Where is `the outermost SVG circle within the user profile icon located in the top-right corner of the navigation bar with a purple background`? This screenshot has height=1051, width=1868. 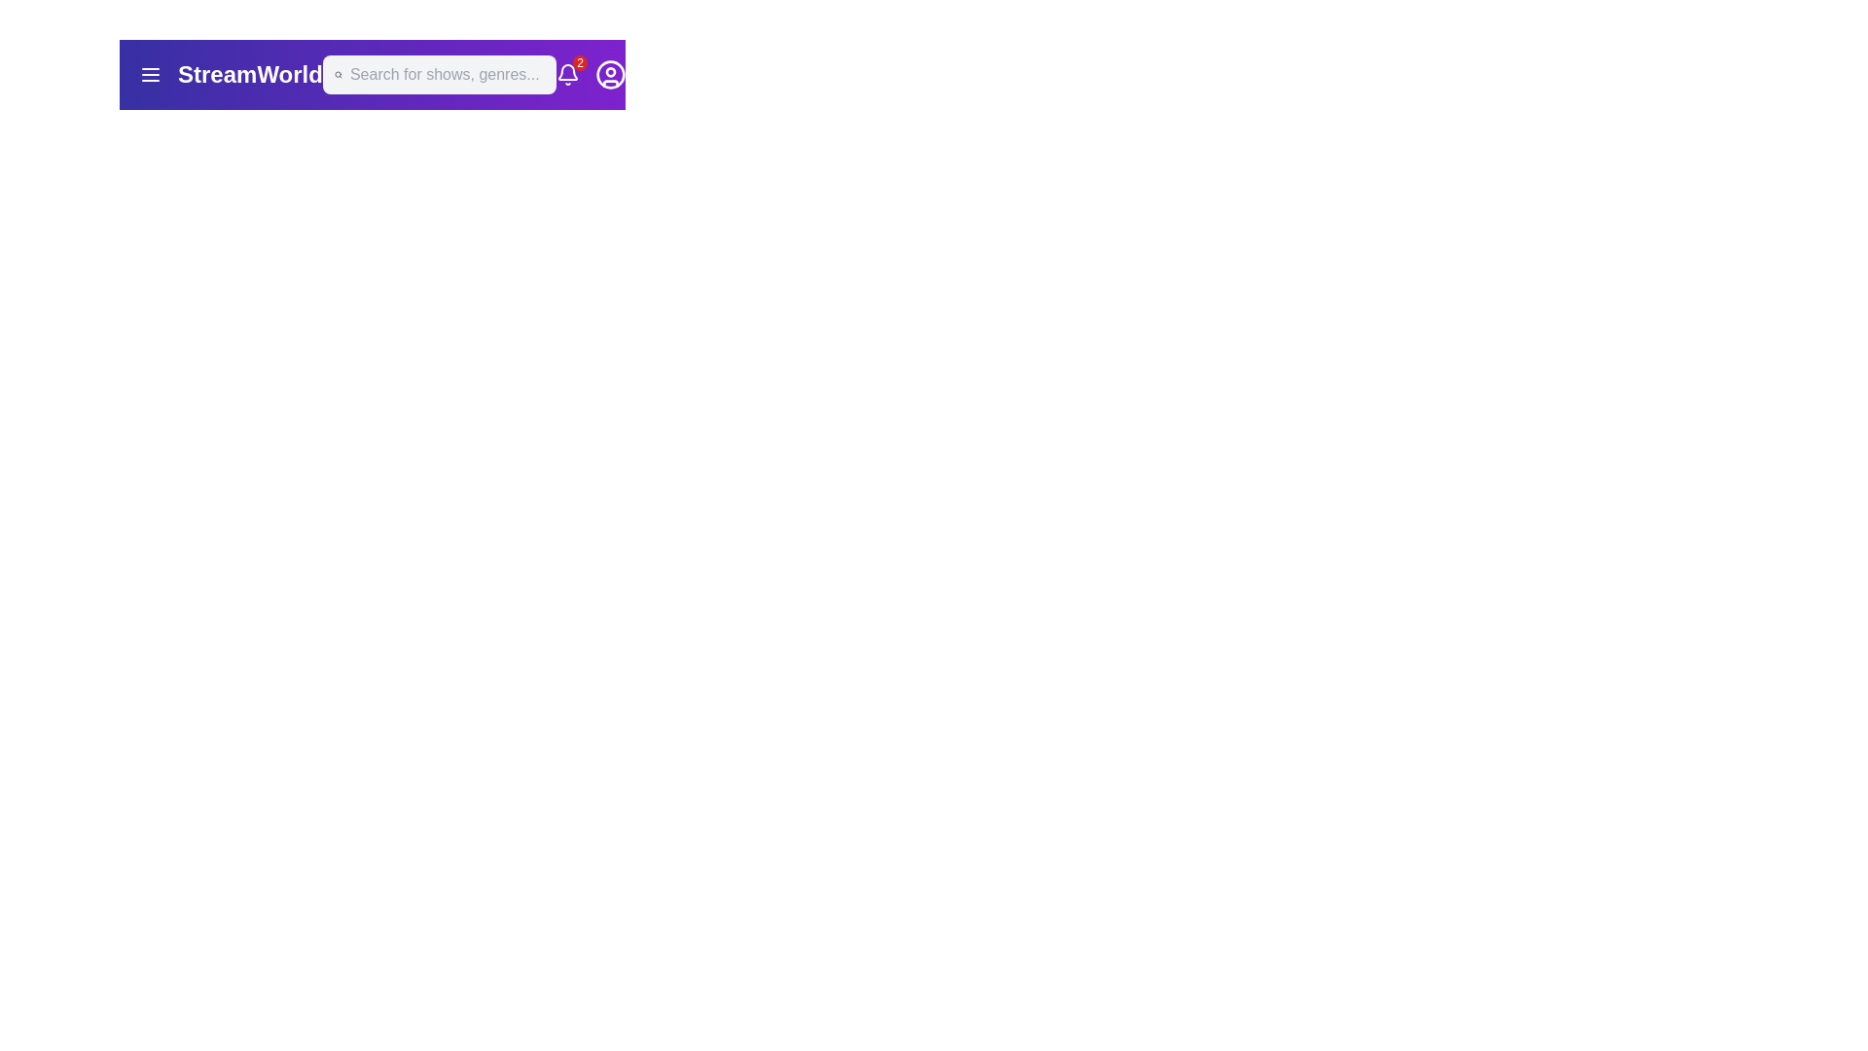 the outermost SVG circle within the user profile icon located in the top-right corner of the navigation bar with a purple background is located at coordinates (609, 74).